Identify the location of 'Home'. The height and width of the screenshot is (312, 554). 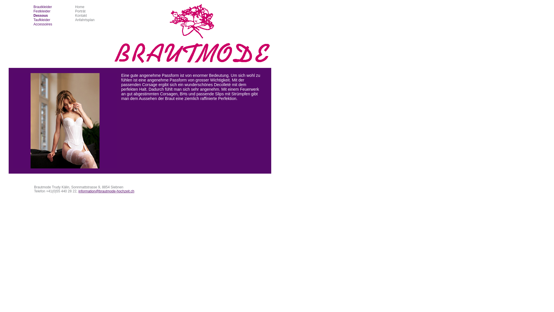
(79, 7).